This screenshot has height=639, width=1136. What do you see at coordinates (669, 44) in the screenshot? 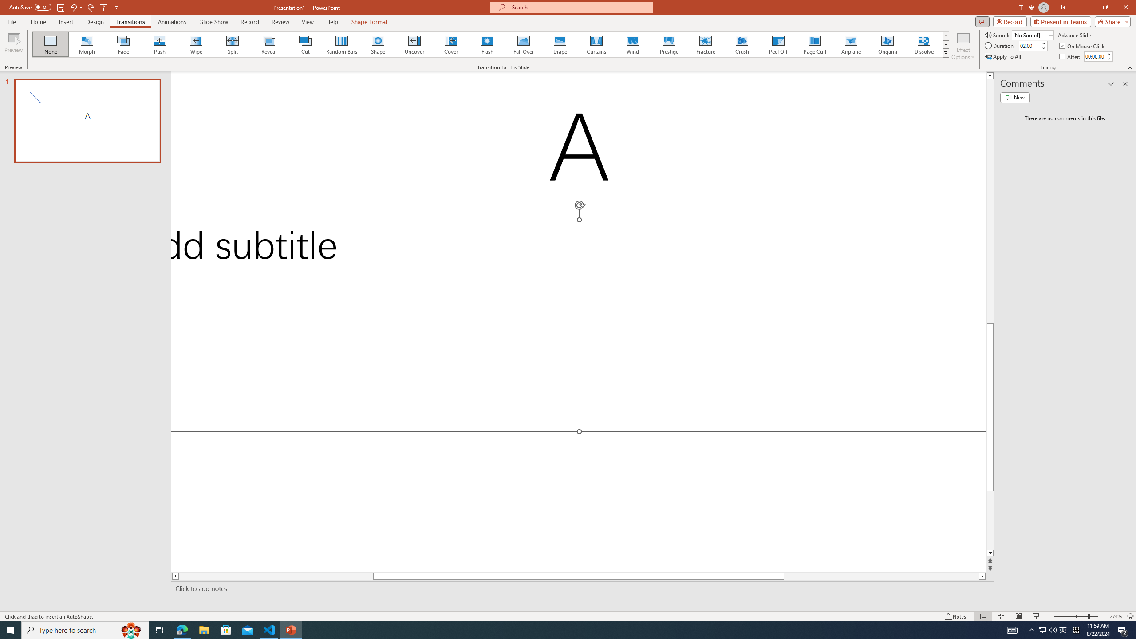
I see `'Prestige'` at bounding box center [669, 44].